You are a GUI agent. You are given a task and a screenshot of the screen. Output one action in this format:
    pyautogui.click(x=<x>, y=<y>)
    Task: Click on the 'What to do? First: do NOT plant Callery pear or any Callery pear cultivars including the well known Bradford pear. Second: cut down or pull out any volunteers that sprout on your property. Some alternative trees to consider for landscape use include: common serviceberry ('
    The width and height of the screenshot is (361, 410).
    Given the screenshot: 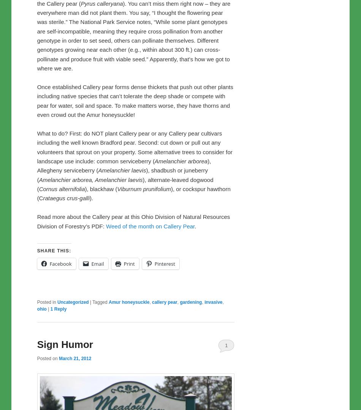 What is the action you would take?
    pyautogui.click(x=134, y=147)
    